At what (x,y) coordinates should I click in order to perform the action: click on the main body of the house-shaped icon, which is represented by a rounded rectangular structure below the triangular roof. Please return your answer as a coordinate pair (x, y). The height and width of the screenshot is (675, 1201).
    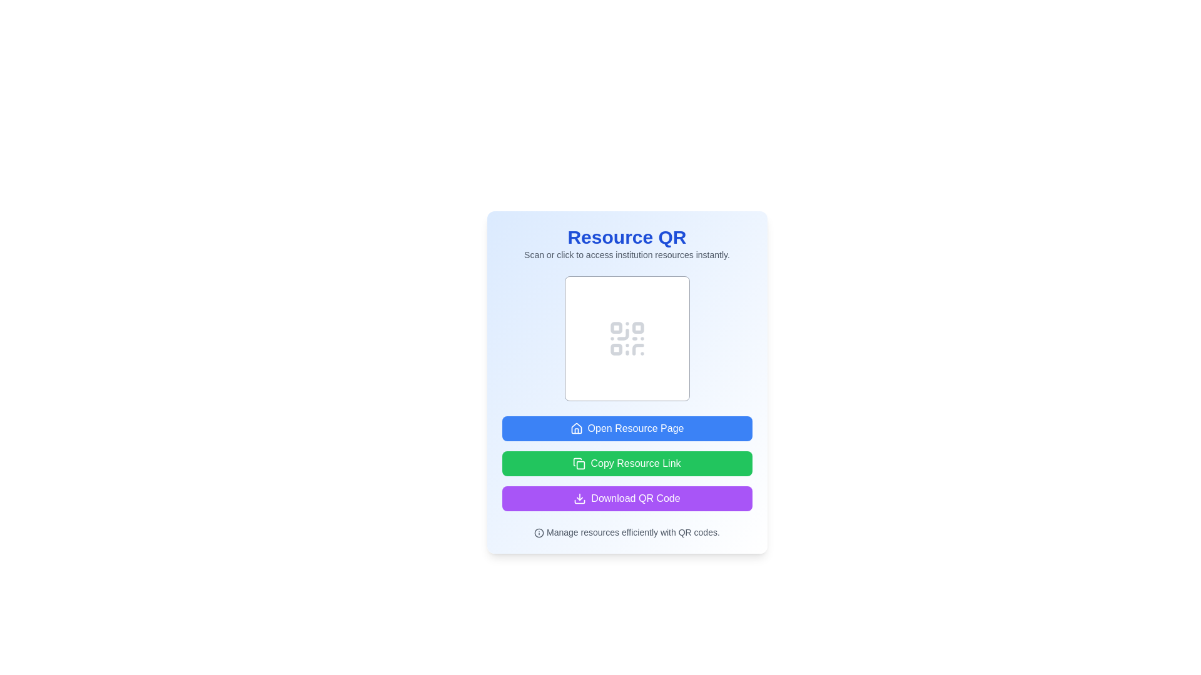
    Looking at the image, I should click on (575, 427).